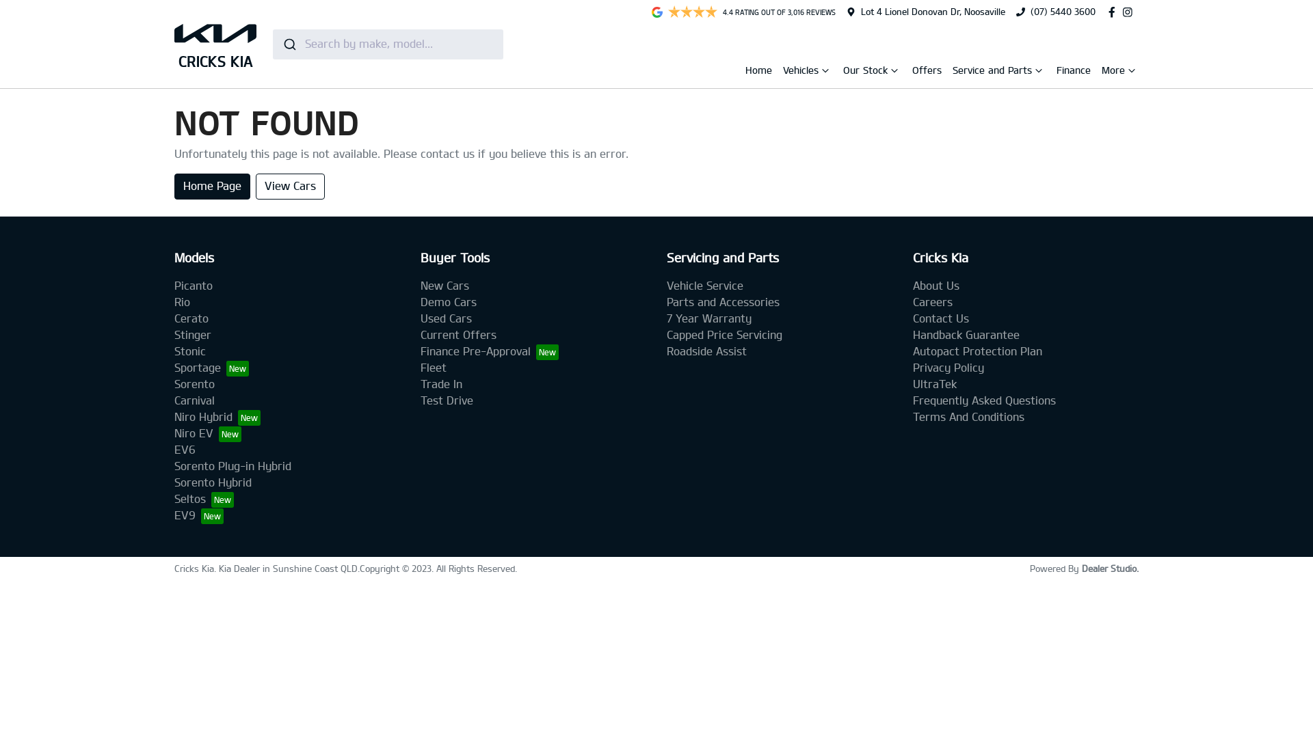 This screenshot has height=738, width=1313. I want to click on 'Cerato', so click(190, 318).